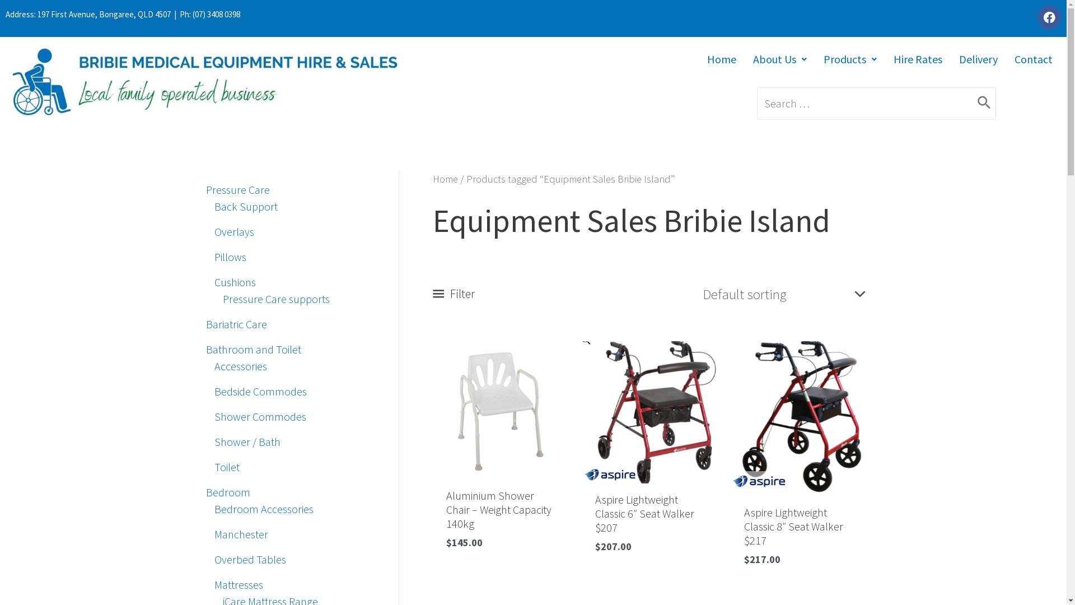 This screenshot has width=1075, height=605. Describe the element at coordinates (263, 509) in the screenshot. I see `'Bedroom Accessories'` at that location.